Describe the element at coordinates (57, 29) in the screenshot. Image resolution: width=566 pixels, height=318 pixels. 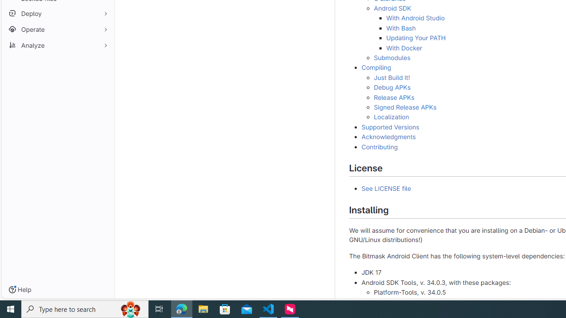
I see `'Operate'` at that location.